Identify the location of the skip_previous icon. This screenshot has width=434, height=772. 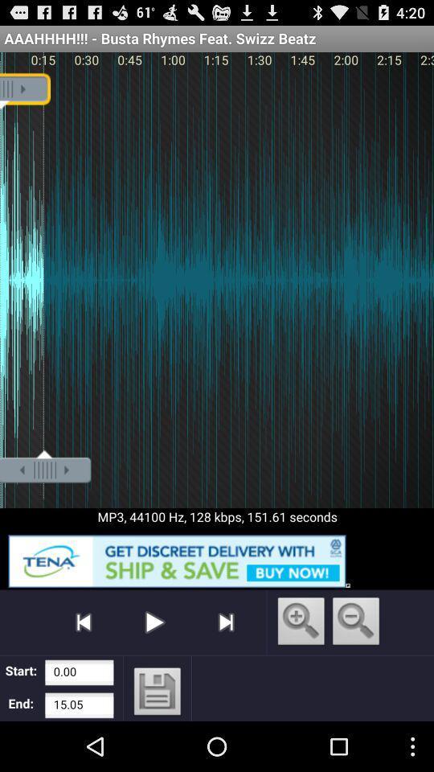
(84, 666).